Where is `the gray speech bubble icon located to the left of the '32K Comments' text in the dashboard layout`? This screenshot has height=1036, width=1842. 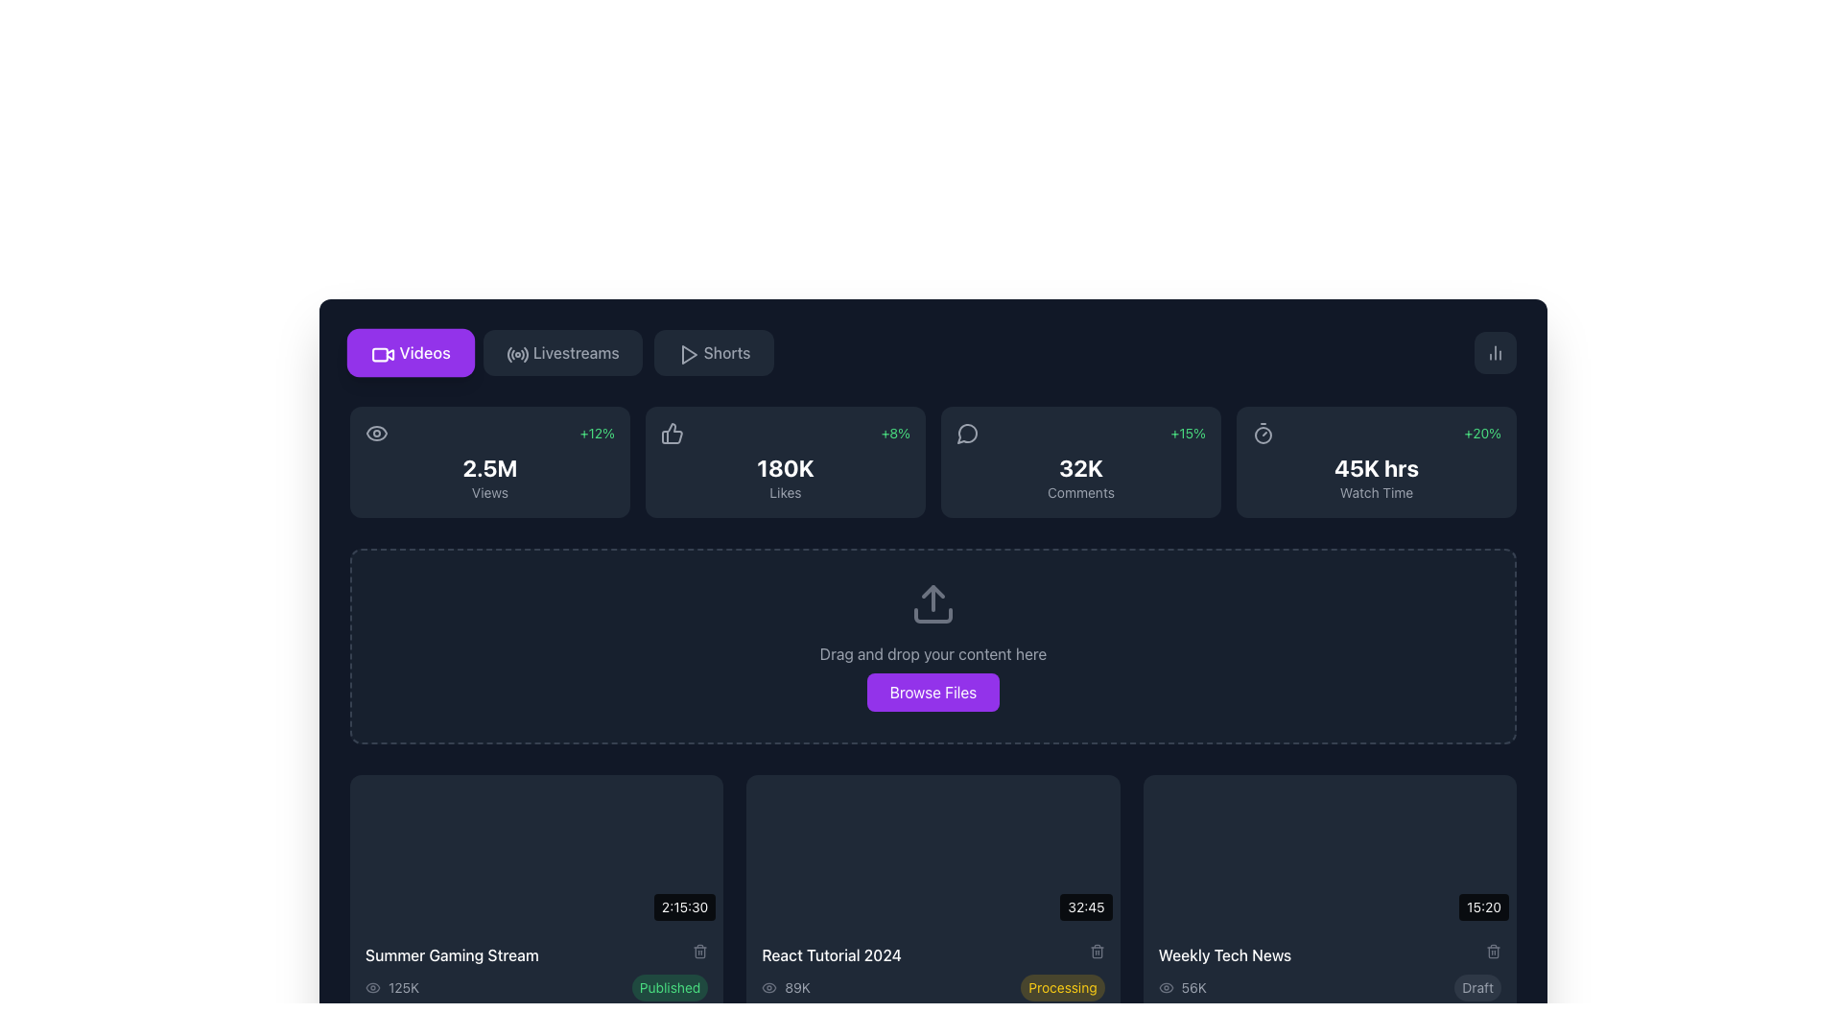
the gray speech bubble icon located to the left of the '32K Comments' text in the dashboard layout is located at coordinates (967, 433).